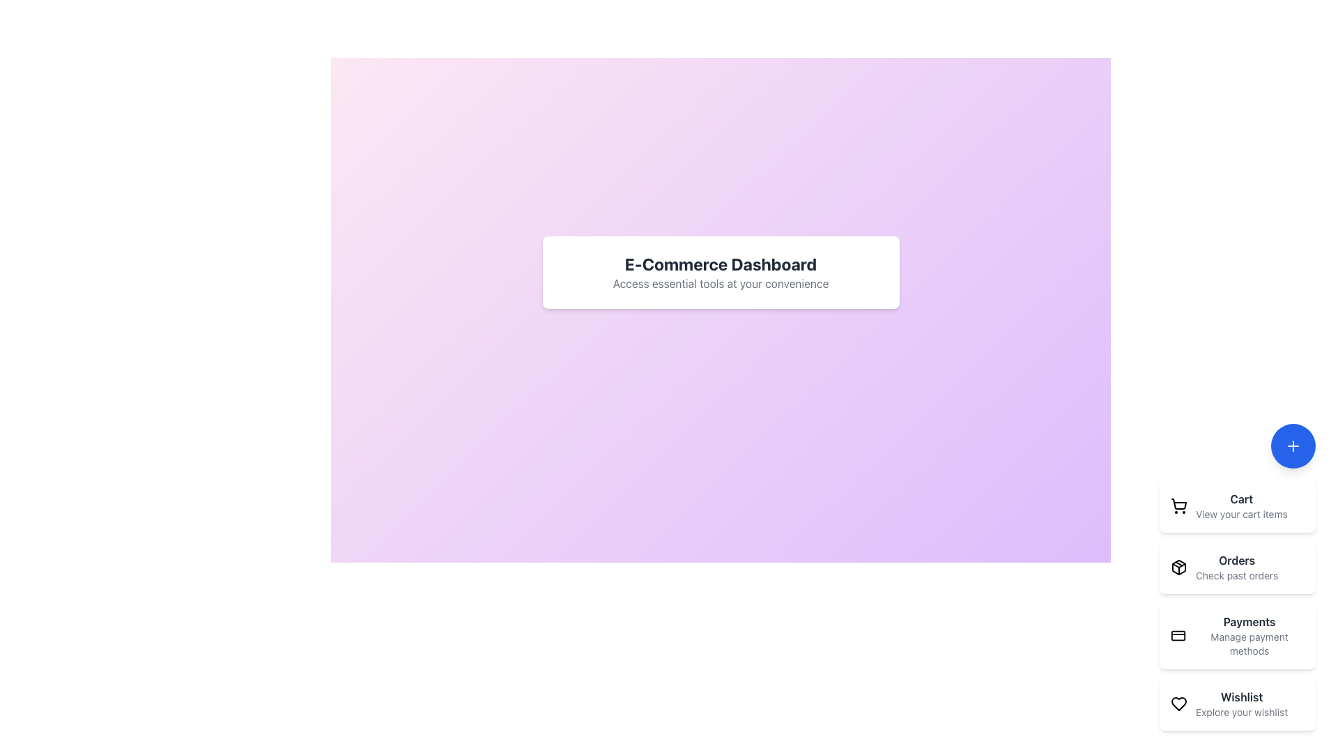 Image resolution: width=1338 pixels, height=753 pixels. What do you see at coordinates (1237, 567) in the screenshot?
I see `the 'Orders' text label, which includes a bold title and a smaller gray label` at bounding box center [1237, 567].